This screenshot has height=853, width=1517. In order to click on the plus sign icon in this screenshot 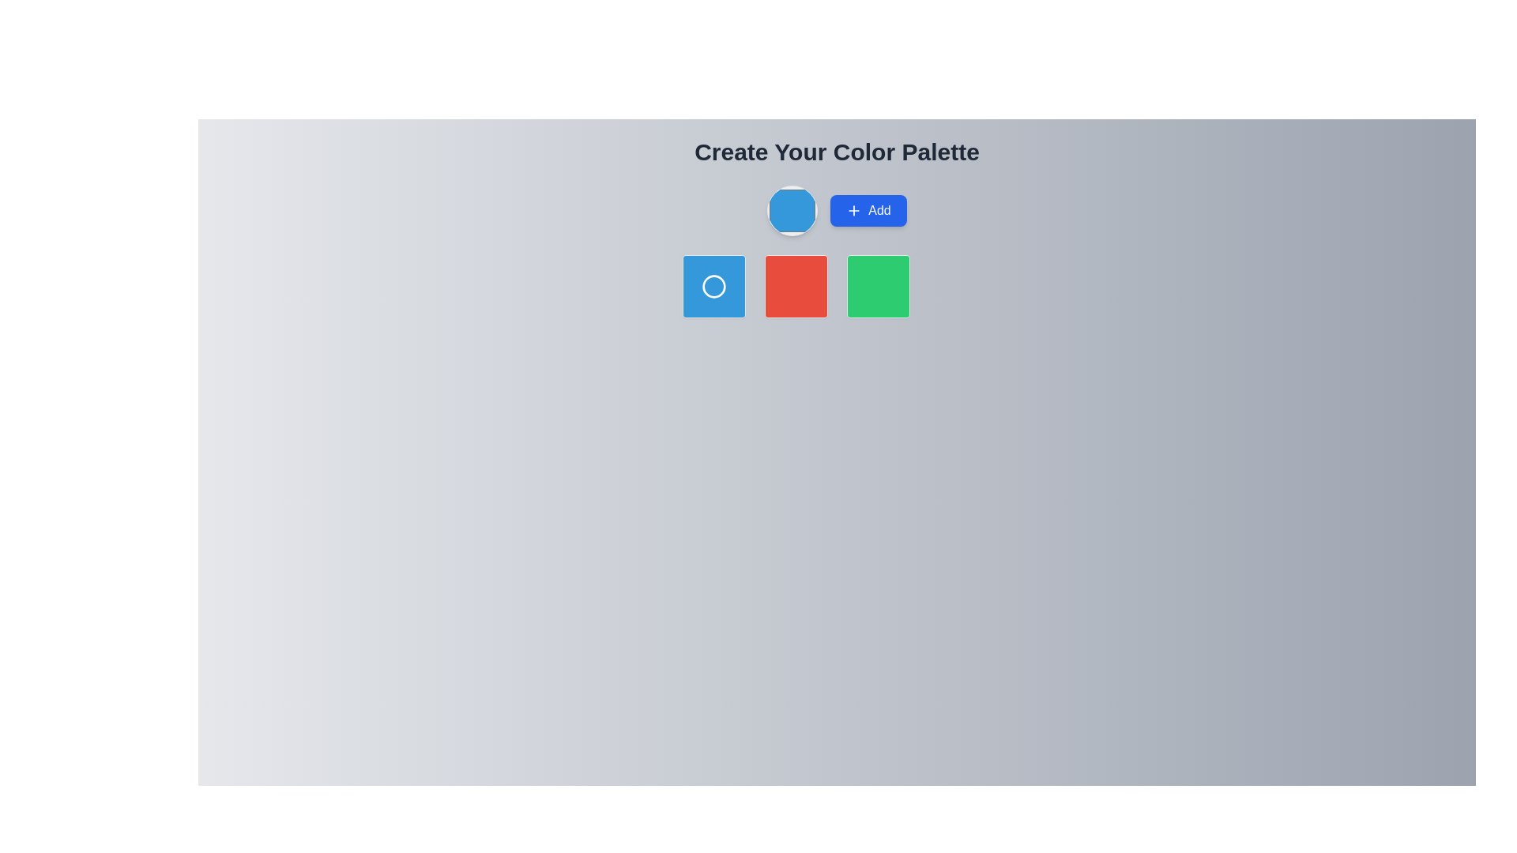, I will do `click(853, 209)`.